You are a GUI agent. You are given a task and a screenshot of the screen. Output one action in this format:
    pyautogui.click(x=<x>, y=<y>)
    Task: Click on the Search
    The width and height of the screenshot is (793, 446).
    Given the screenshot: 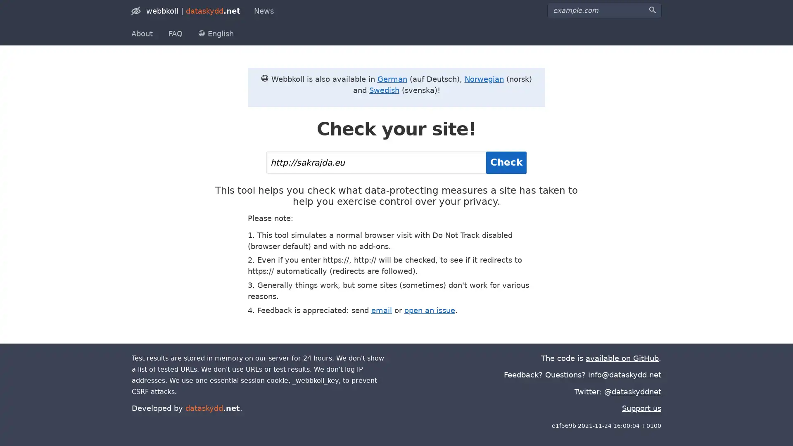 What is the action you would take?
    pyautogui.click(x=652, y=10)
    